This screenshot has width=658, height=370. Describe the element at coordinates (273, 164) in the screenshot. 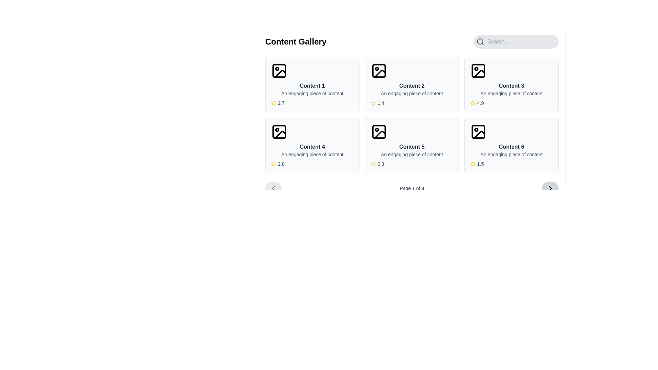

I see `the star rating icon located in the card titled 'Content 4', which visually indicates a rating with a numerical value of '2.8'` at that location.